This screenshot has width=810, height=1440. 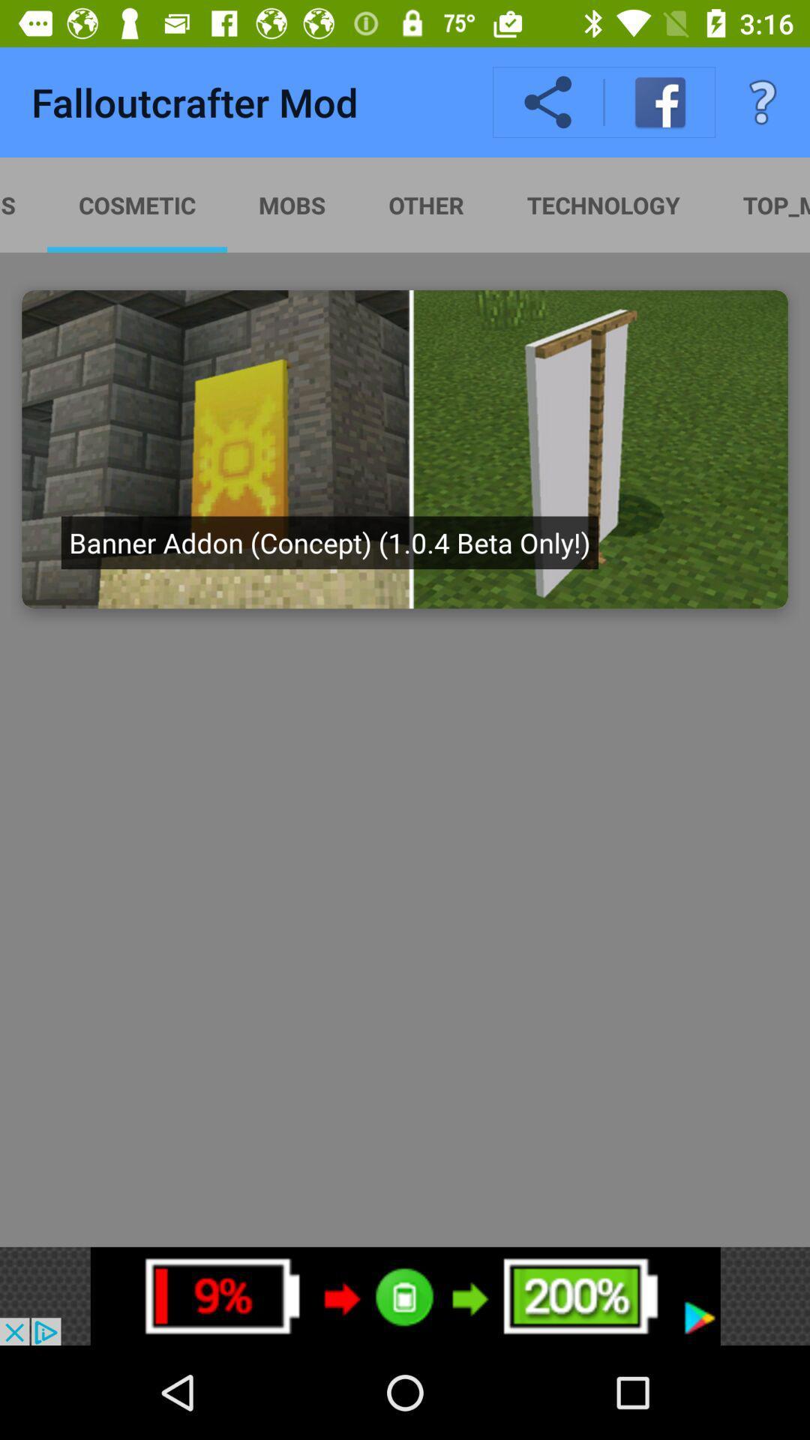 What do you see at coordinates (136, 204) in the screenshot?
I see `cosmetic` at bounding box center [136, 204].